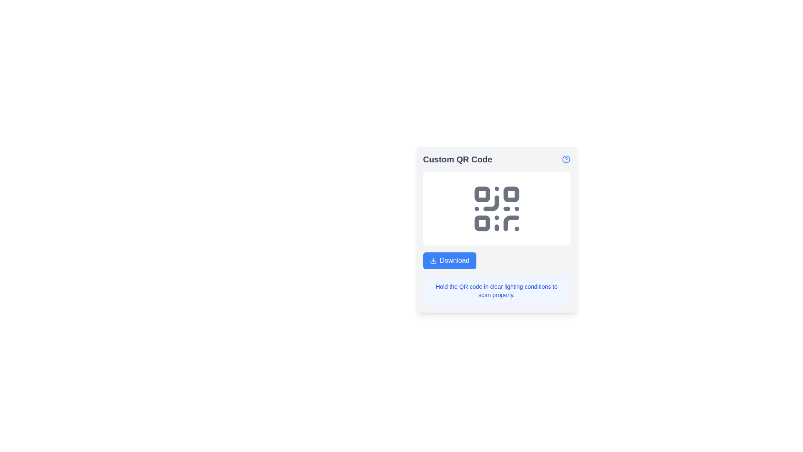 The width and height of the screenshot is (803, 452). What do you see at coordinates (449, 260) in the screenshot?
I see `the 'Download' button with rounded corners, blue background, and white text to initiate a download` at bounding box center [449, 260].